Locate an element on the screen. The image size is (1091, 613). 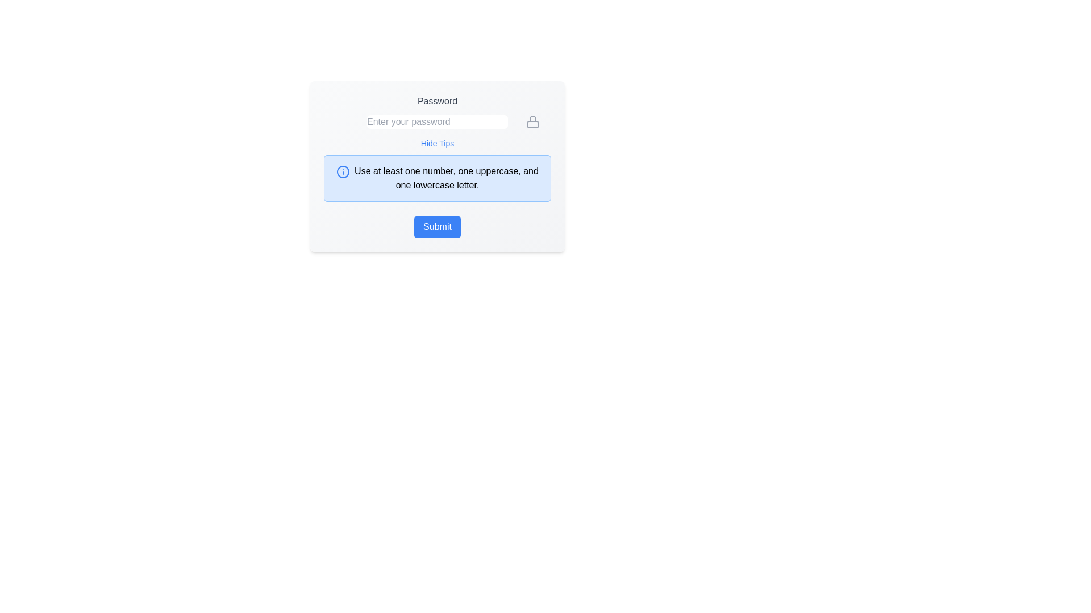
the 'Hide Tips' interactive text link located beneath the password input field is located at coordinates (436, 143).